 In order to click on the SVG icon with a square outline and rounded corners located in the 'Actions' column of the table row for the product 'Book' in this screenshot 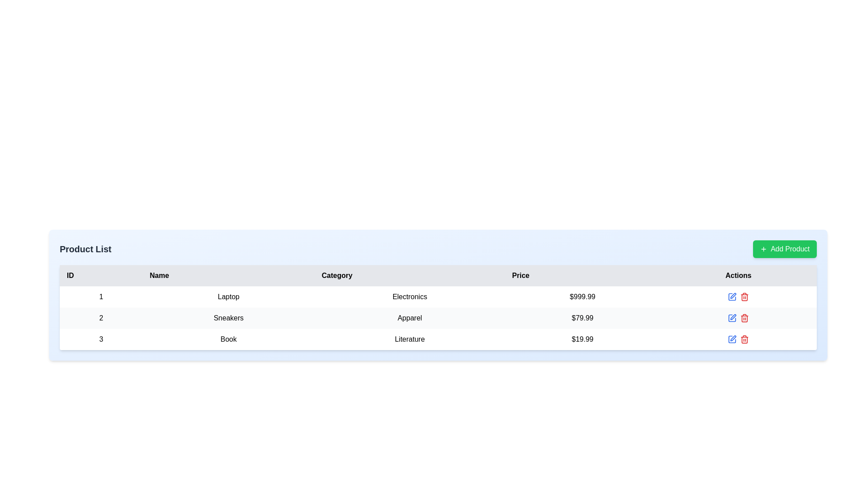, I will do `click(732, 297)`.